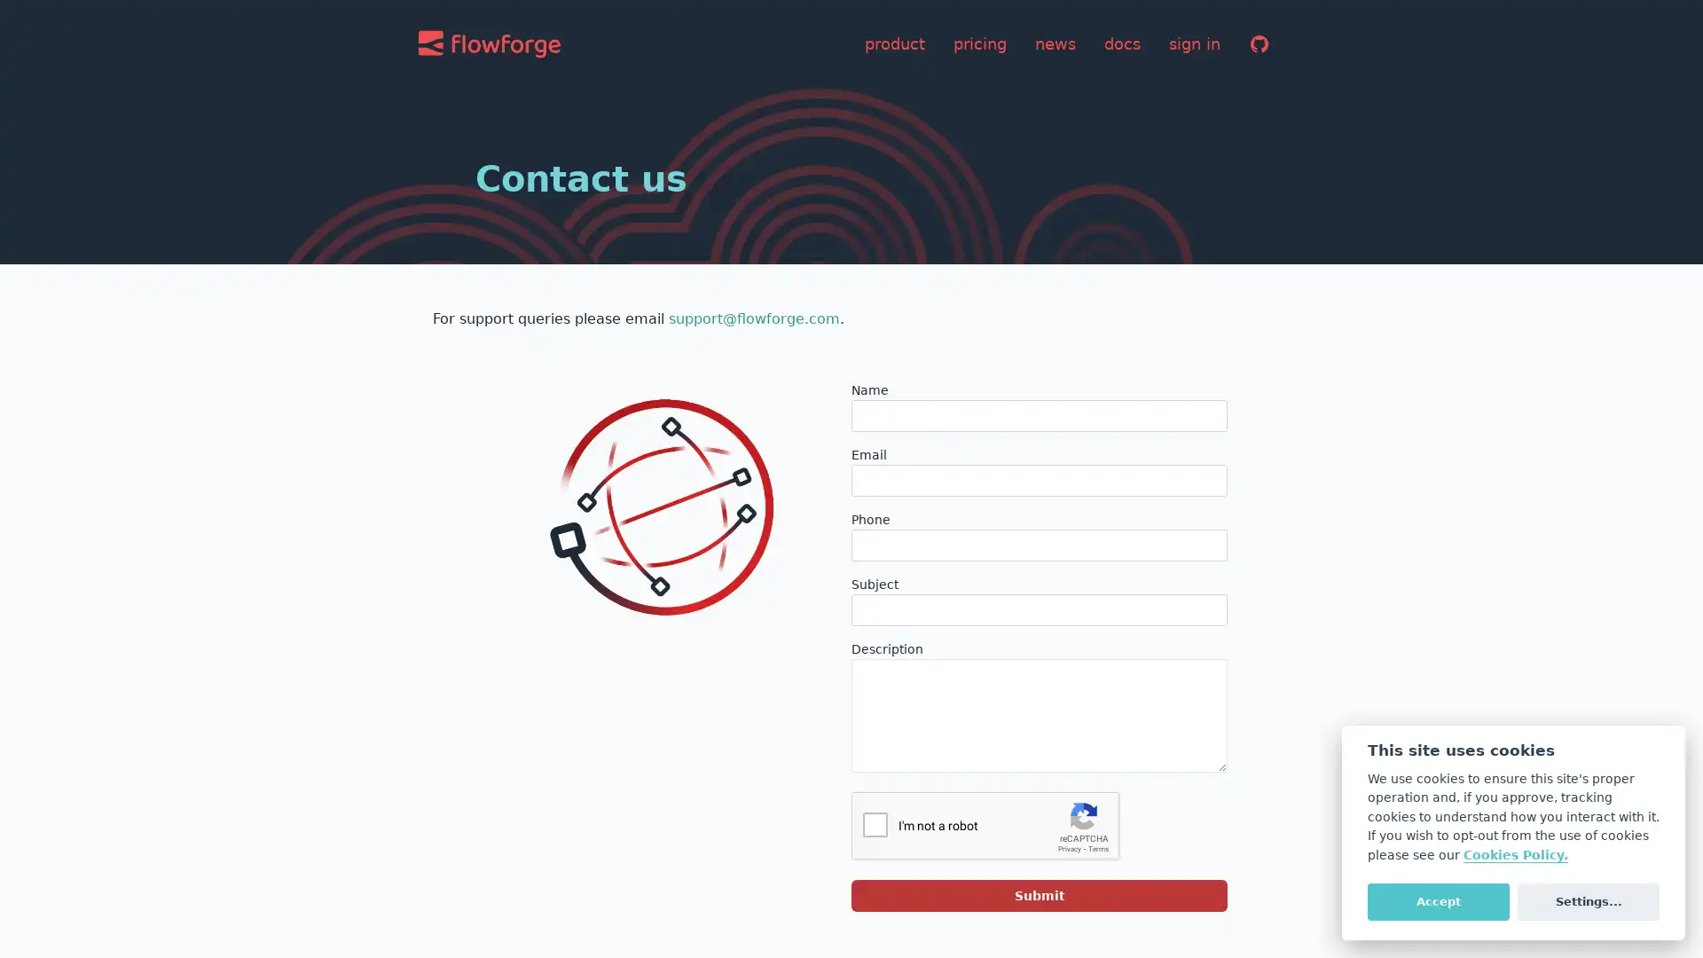  What do you see at coordinates (1039, 896) in the screenshot?
I see `Submit` at bounding box center [1039, 896].